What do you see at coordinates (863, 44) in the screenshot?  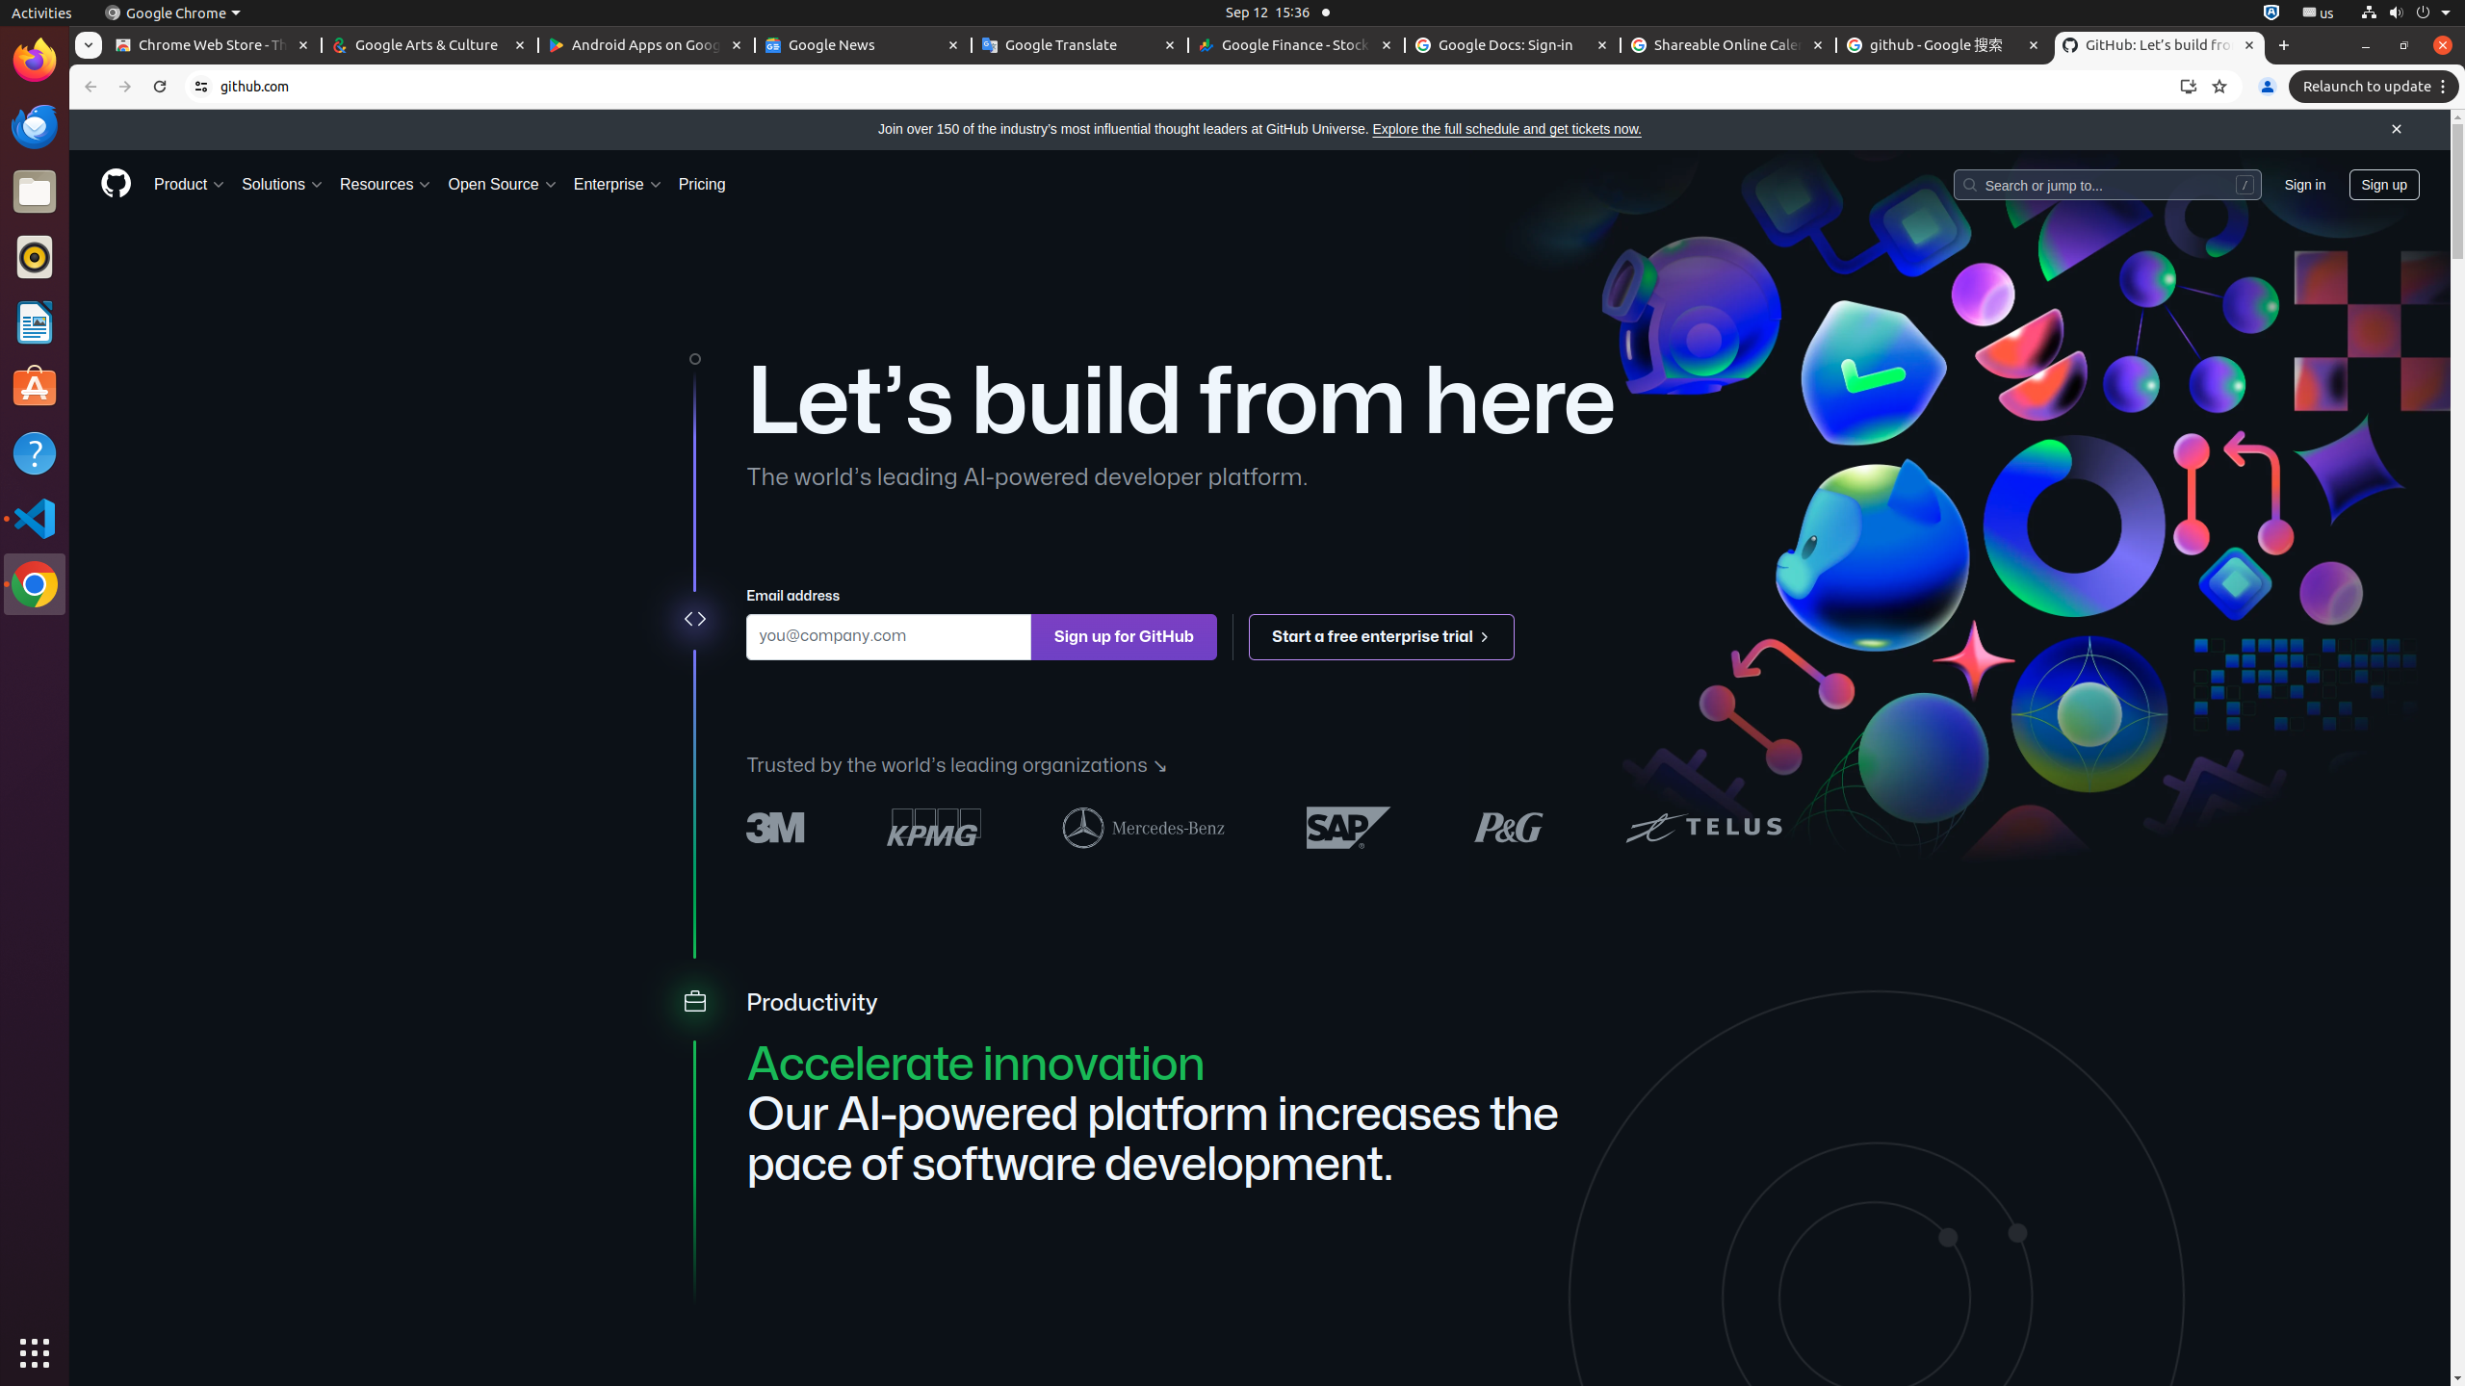 I see `'Google News - Memory usage - 51.2 MB'` at bounding box center [863, 44].